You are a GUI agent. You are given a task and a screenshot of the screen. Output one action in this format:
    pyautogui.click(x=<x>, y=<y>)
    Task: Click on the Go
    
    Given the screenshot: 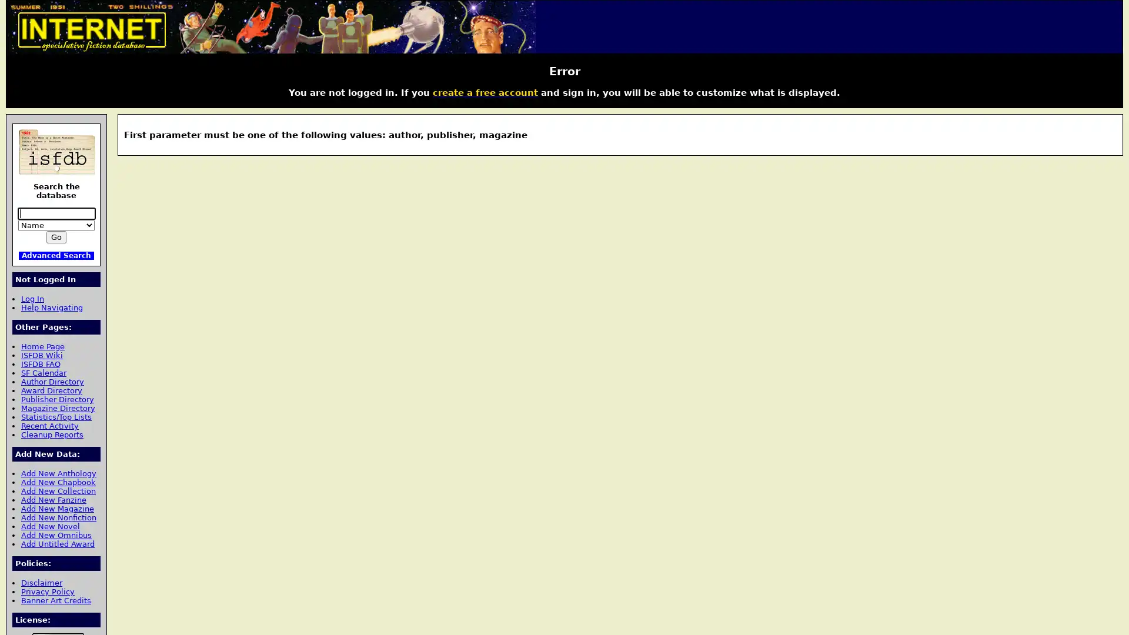 What is the action you would take?
    pyautogui.click(x=56, y=237)
    